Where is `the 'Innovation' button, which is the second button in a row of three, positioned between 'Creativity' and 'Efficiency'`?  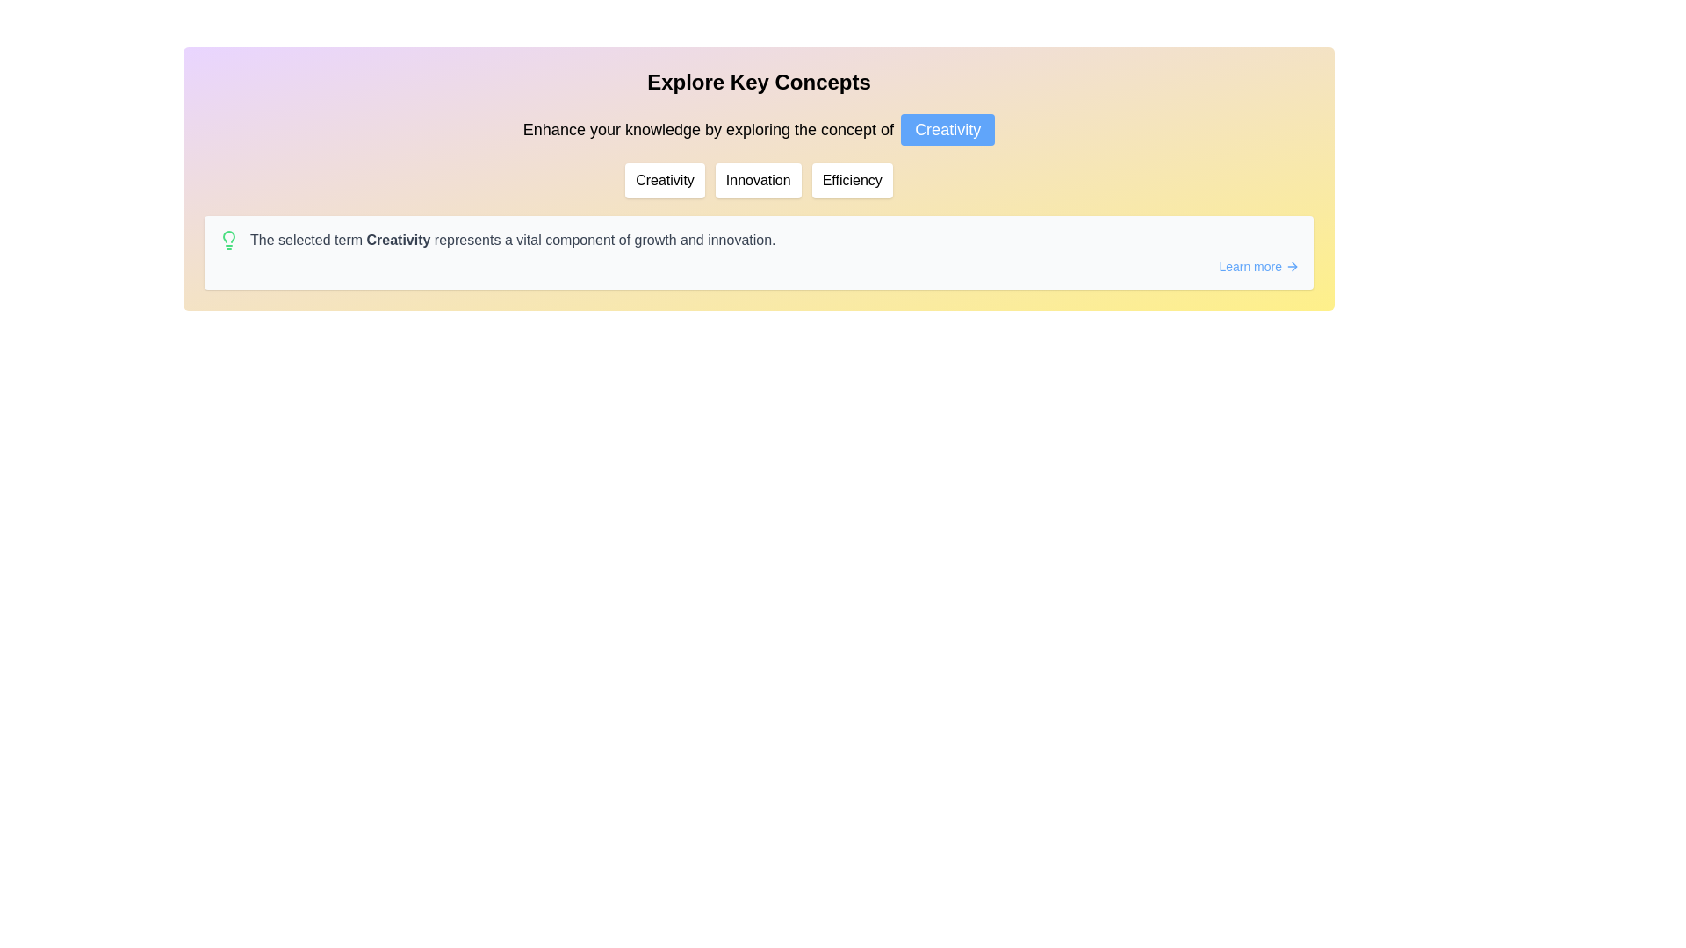 the 'Innovation' button, which is the second button in a row of three, positioned between 'Creativity' and 'Efficiency' is located at coordinates (759, 180).